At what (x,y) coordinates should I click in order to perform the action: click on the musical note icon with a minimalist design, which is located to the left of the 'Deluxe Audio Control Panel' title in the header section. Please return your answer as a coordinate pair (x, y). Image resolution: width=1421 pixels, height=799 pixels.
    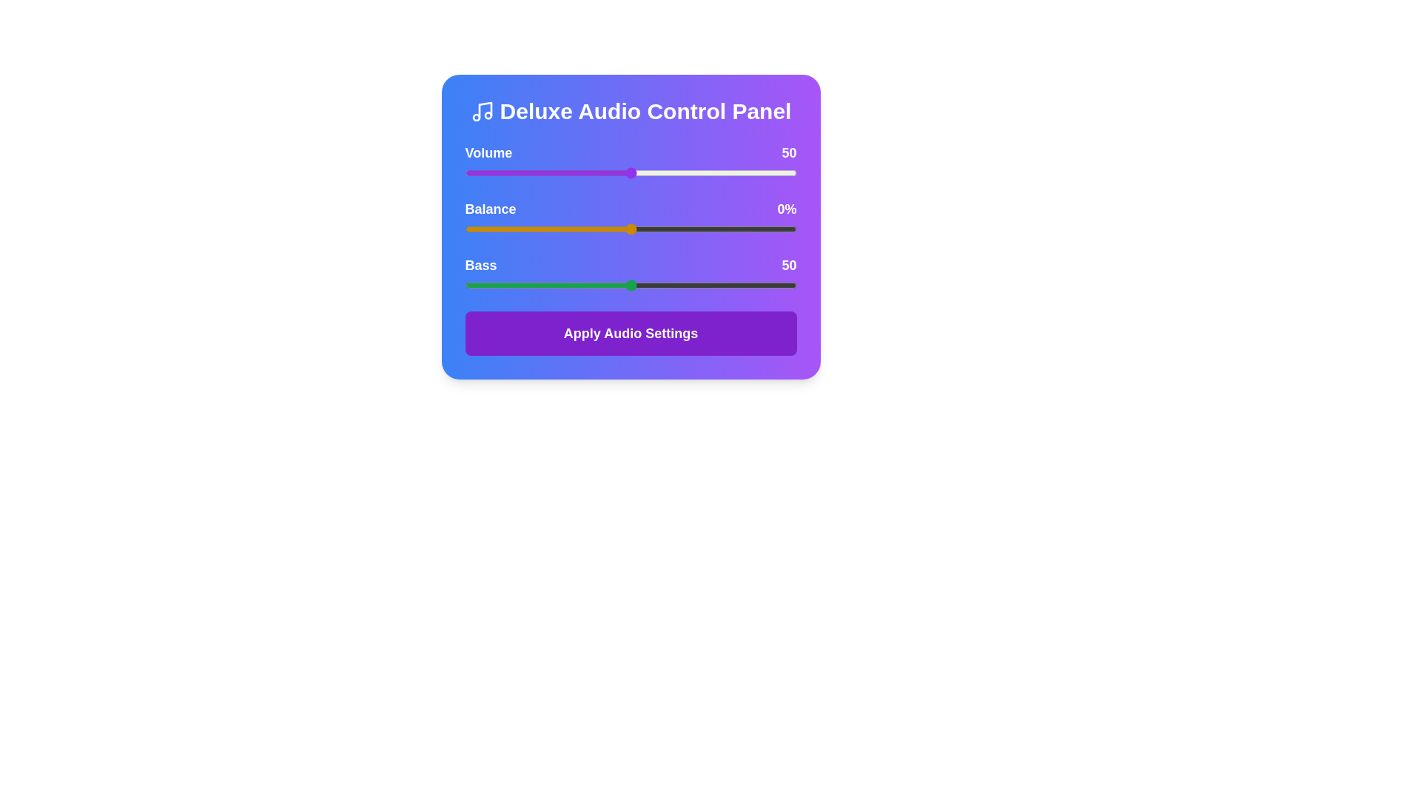
    Looking at the image, I should click on (482, 110).